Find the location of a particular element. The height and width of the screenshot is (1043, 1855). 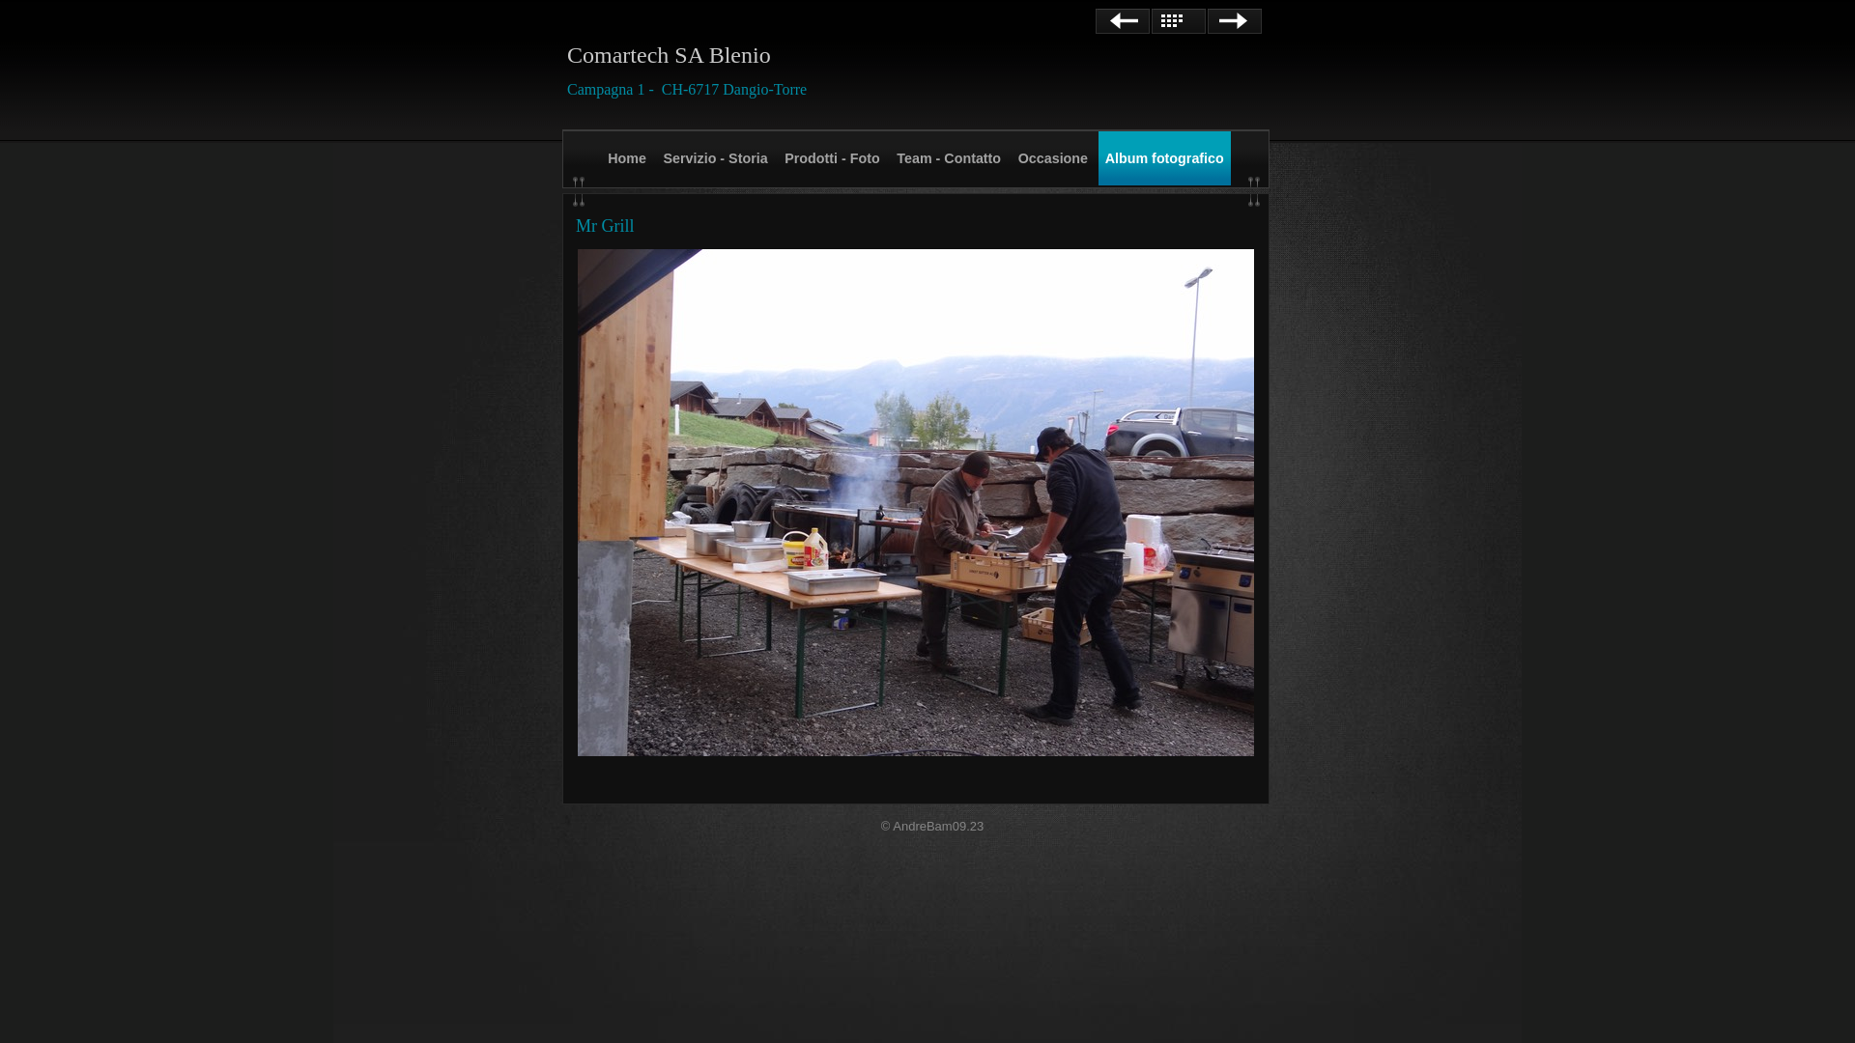

'Album fotografico' is located at coordinates (1099, 157).